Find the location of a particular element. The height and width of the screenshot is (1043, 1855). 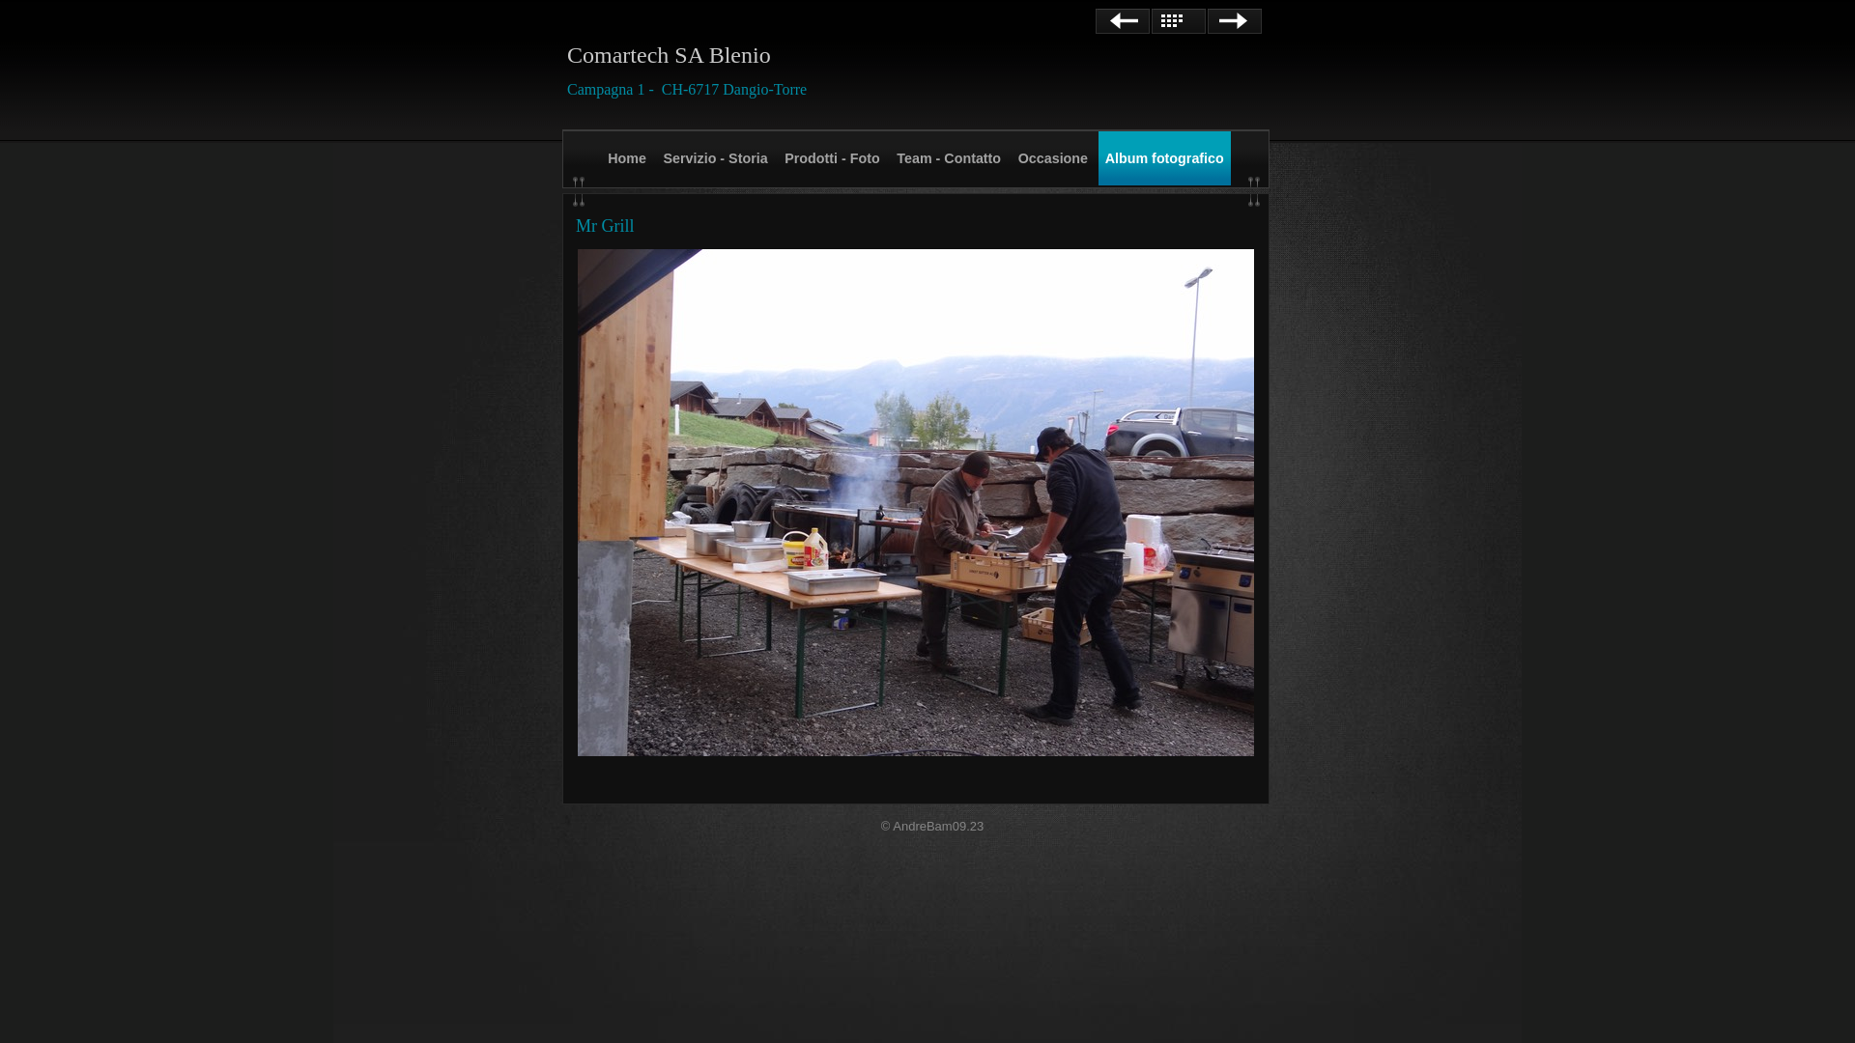

'Album fotografico' is located at coordinates (1099, 157).